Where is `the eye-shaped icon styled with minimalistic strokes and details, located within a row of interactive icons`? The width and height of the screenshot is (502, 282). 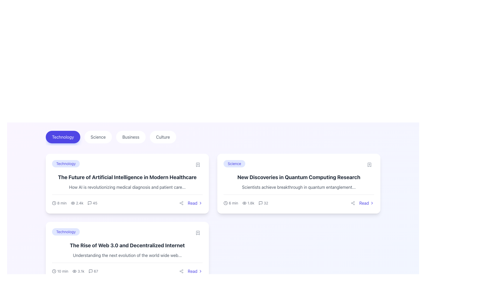 the eye-shaped icon styled with minimalistic strokes and details, located within a row of interactive icons is located at coordinates (74, 271).